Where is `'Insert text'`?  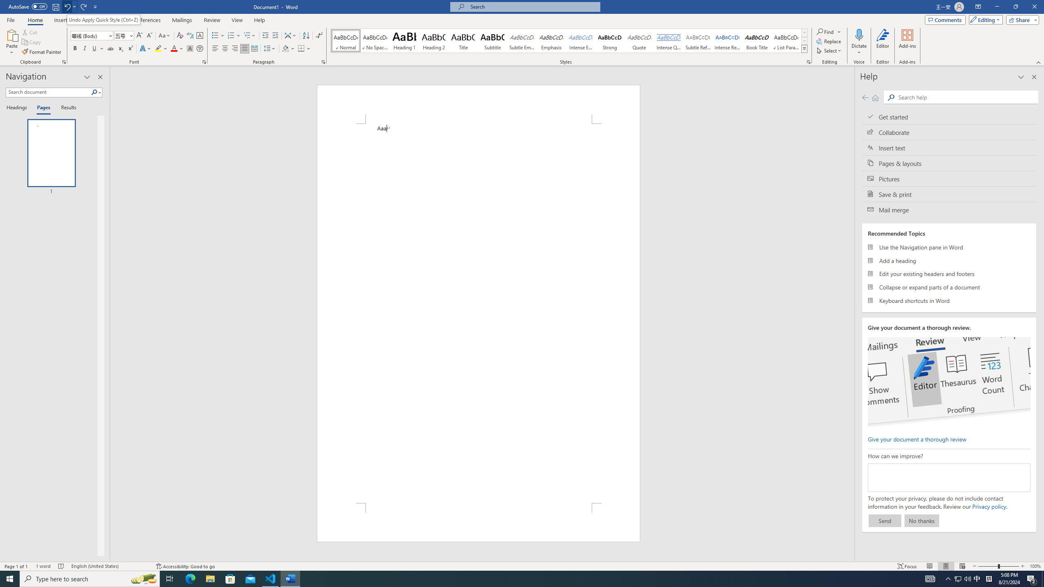
'Insert text' is located at coordinates (949, 147).